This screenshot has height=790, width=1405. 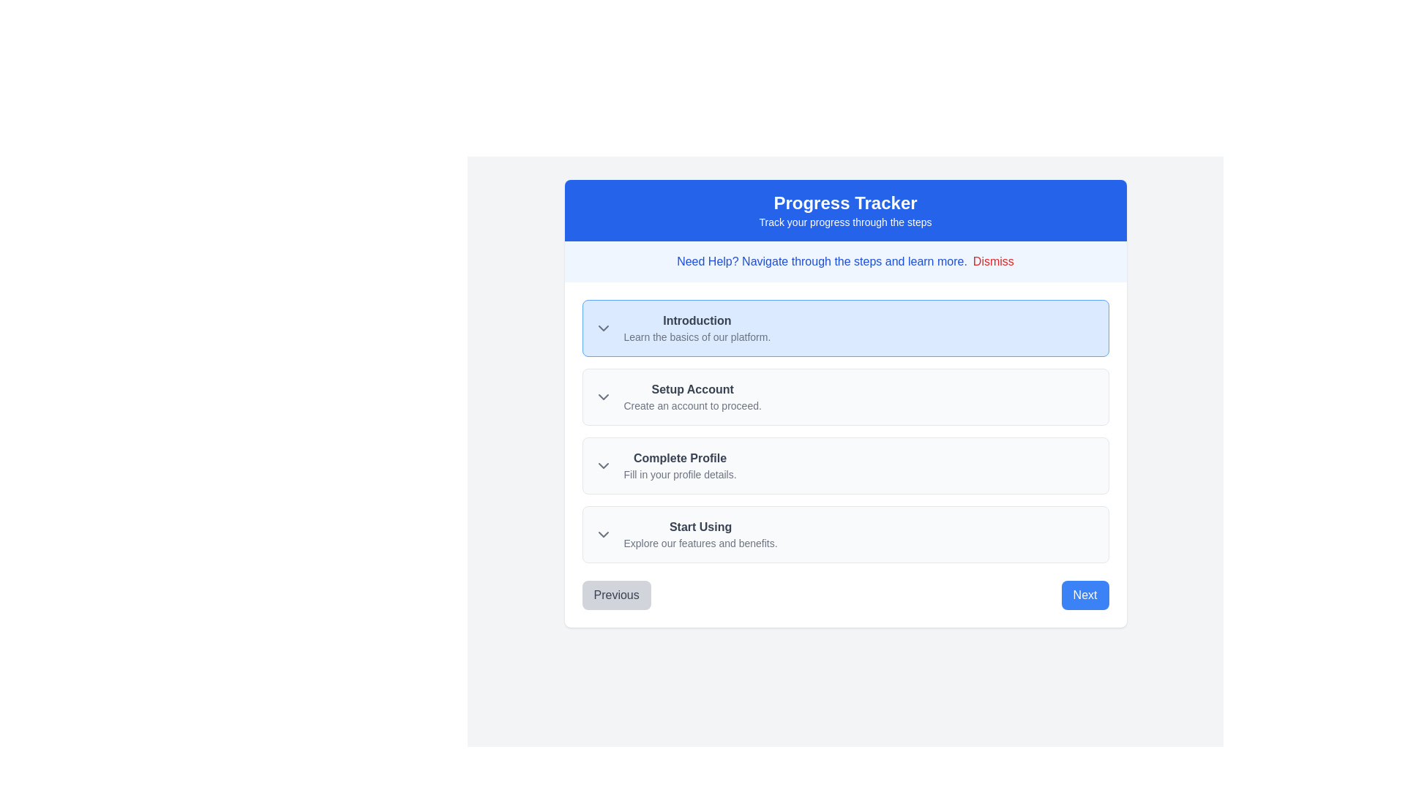 I want to click on the title of the second step indicator in the progress tracker, so click(x=845, y=397).